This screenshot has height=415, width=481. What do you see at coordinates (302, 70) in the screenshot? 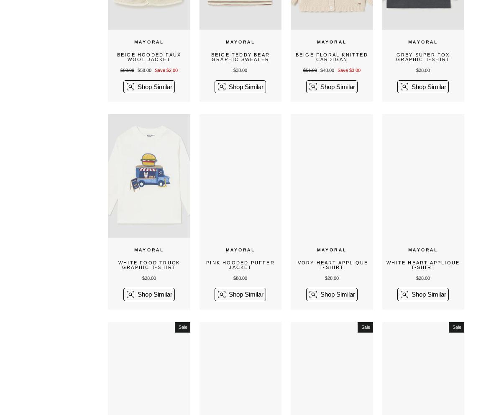
I see `'$51.00'` at bounding box center [302, 70].